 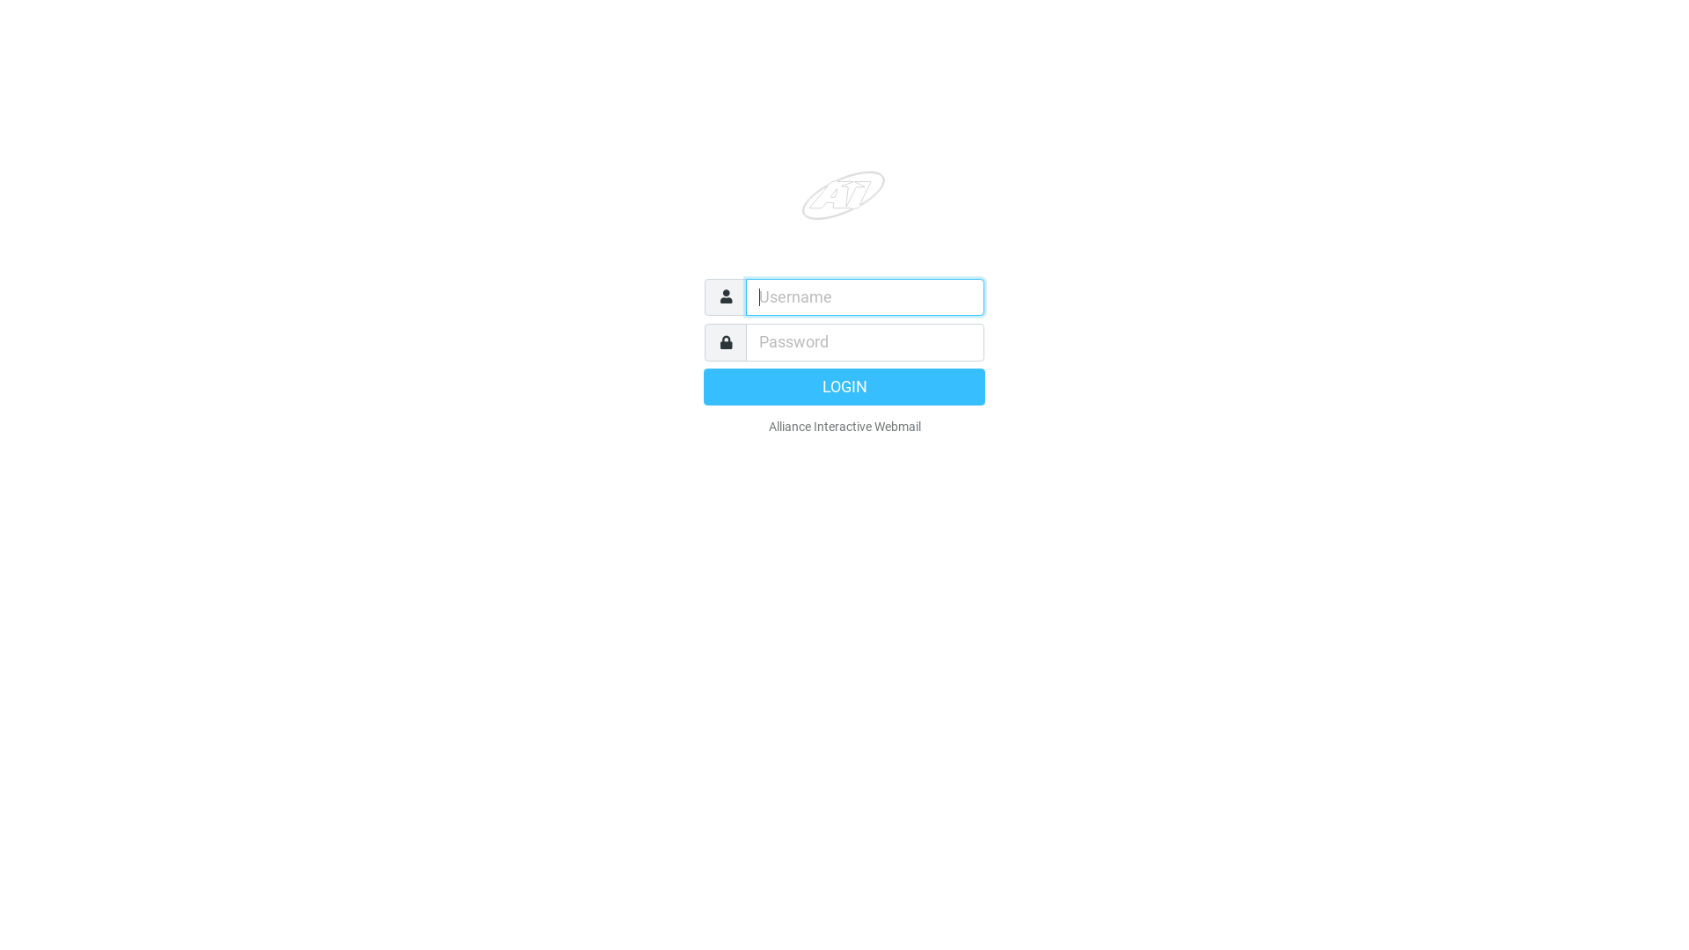 I want to click on 'LOGIN', so click(x=844, y=385).